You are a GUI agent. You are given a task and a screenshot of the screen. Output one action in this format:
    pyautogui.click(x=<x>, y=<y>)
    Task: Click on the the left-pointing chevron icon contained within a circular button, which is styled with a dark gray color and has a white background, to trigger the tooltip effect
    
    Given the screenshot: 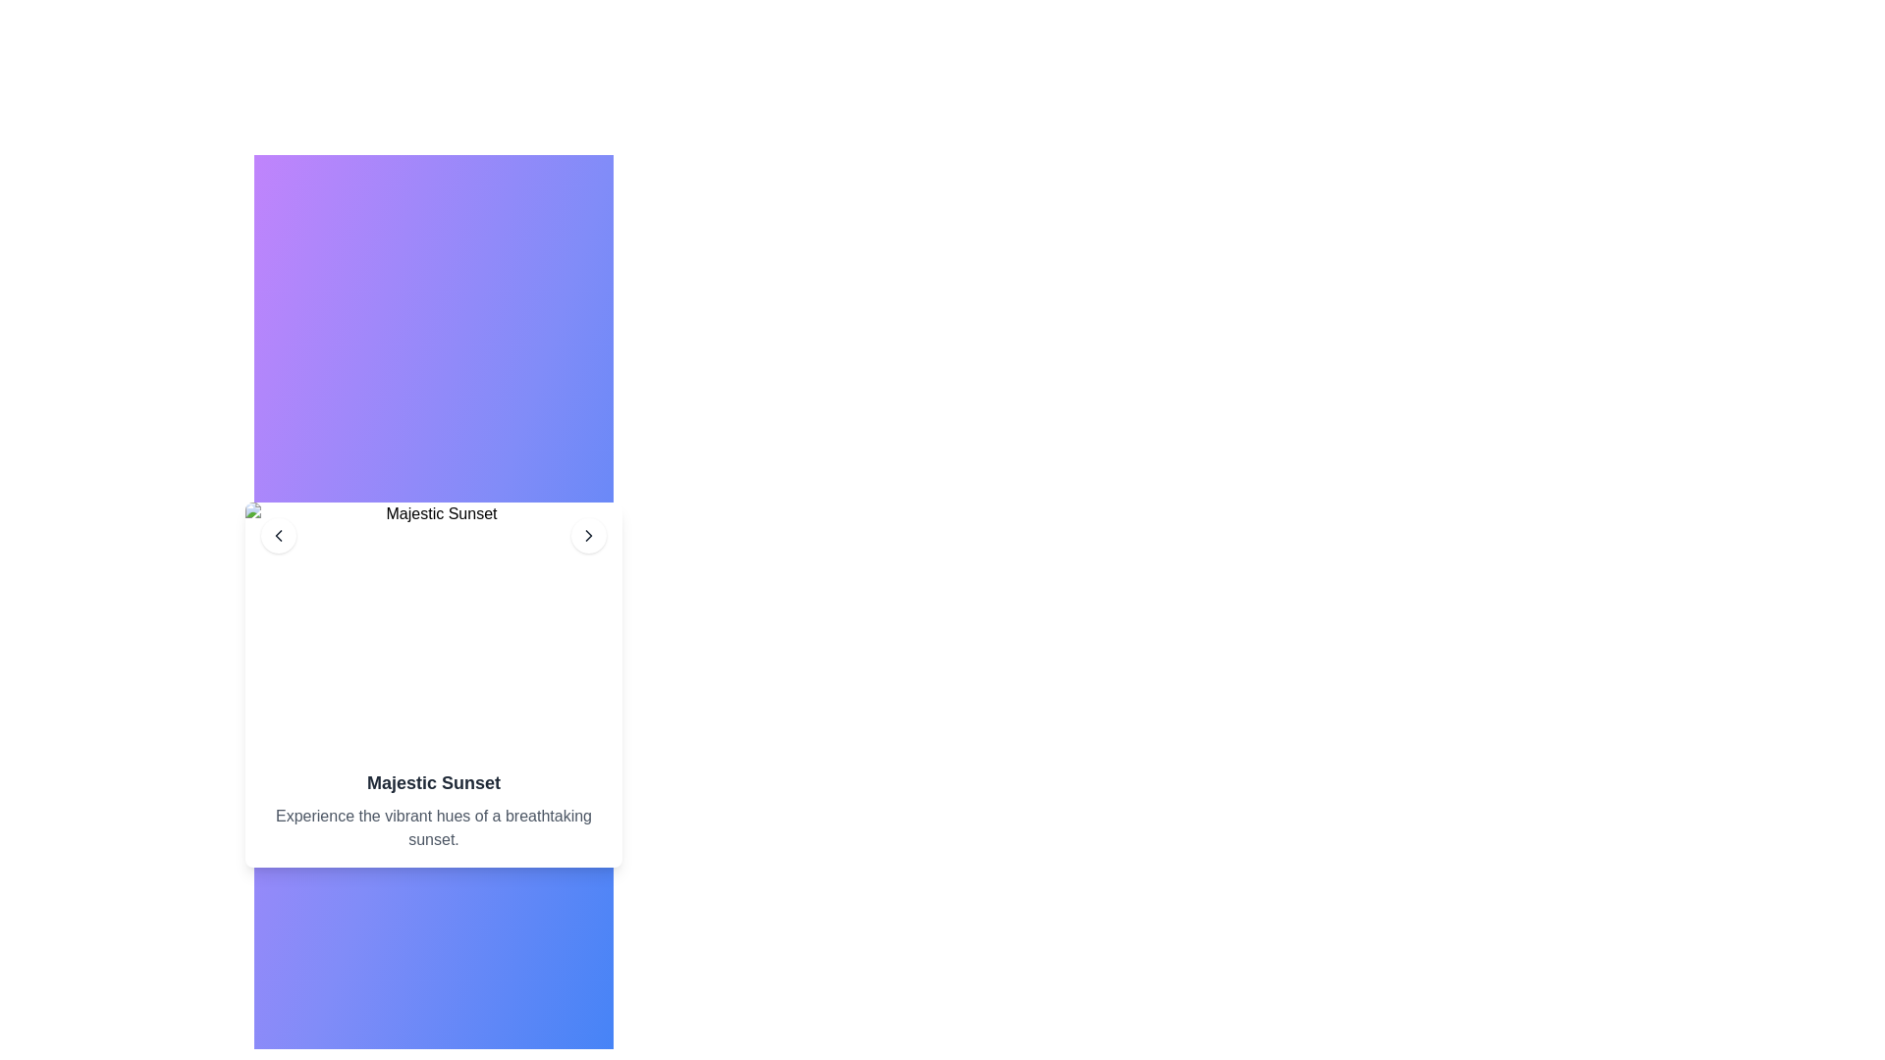 What is the action you would take?
    pyautogui.click(x=277, y=536)
    